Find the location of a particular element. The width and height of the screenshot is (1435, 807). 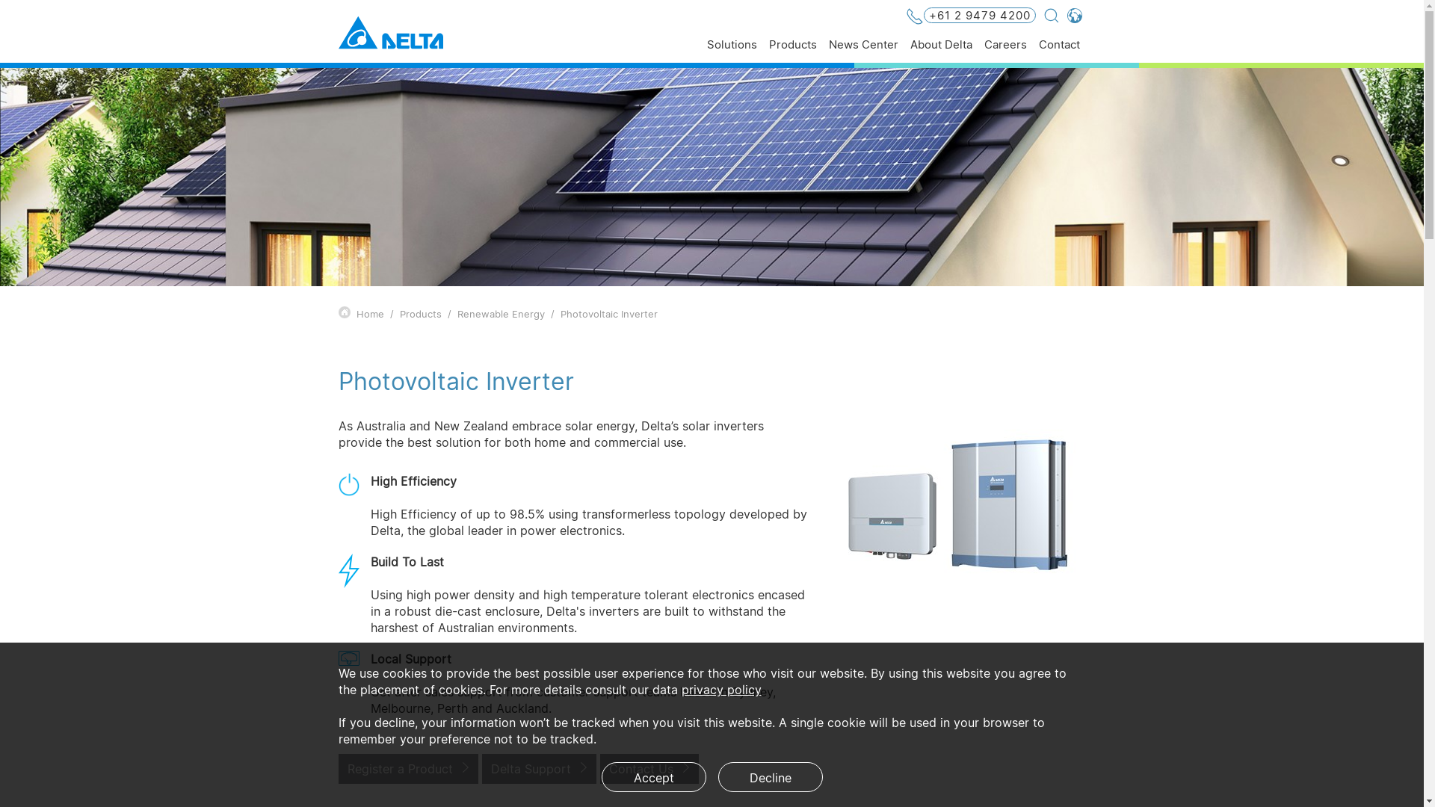

'Home' is located at coordinates (369, 313).